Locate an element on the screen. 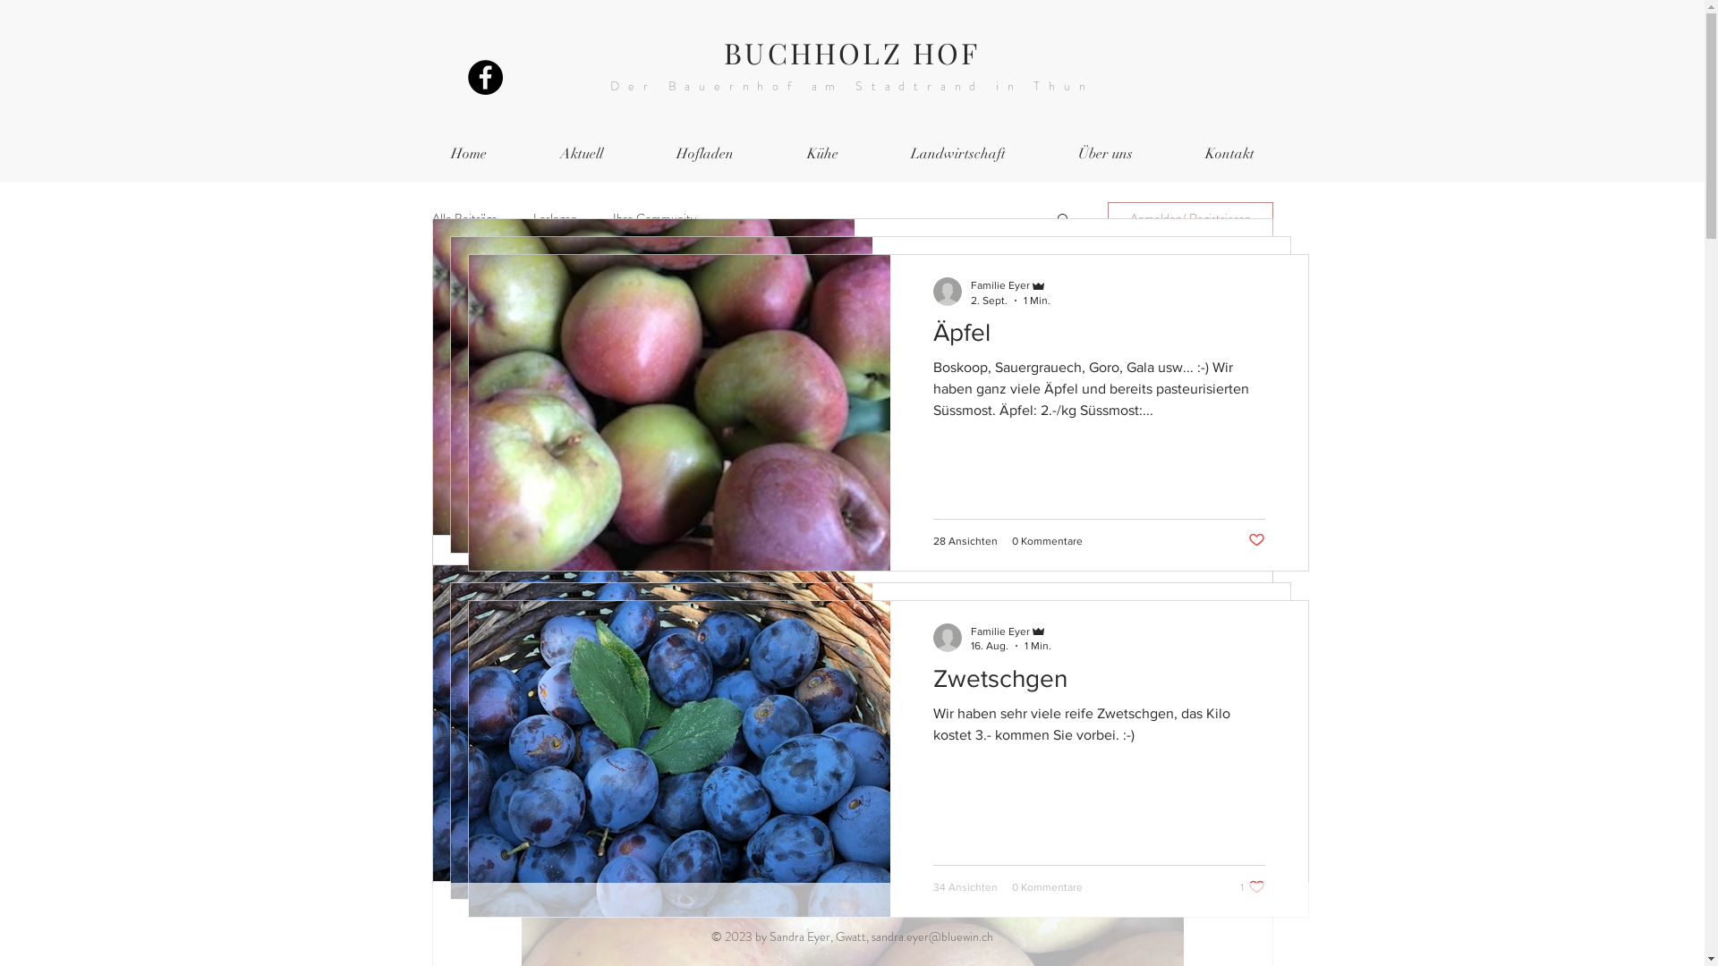 The image size is (1718, 966). 'Hofladen' is located at coordinates (703, 153).